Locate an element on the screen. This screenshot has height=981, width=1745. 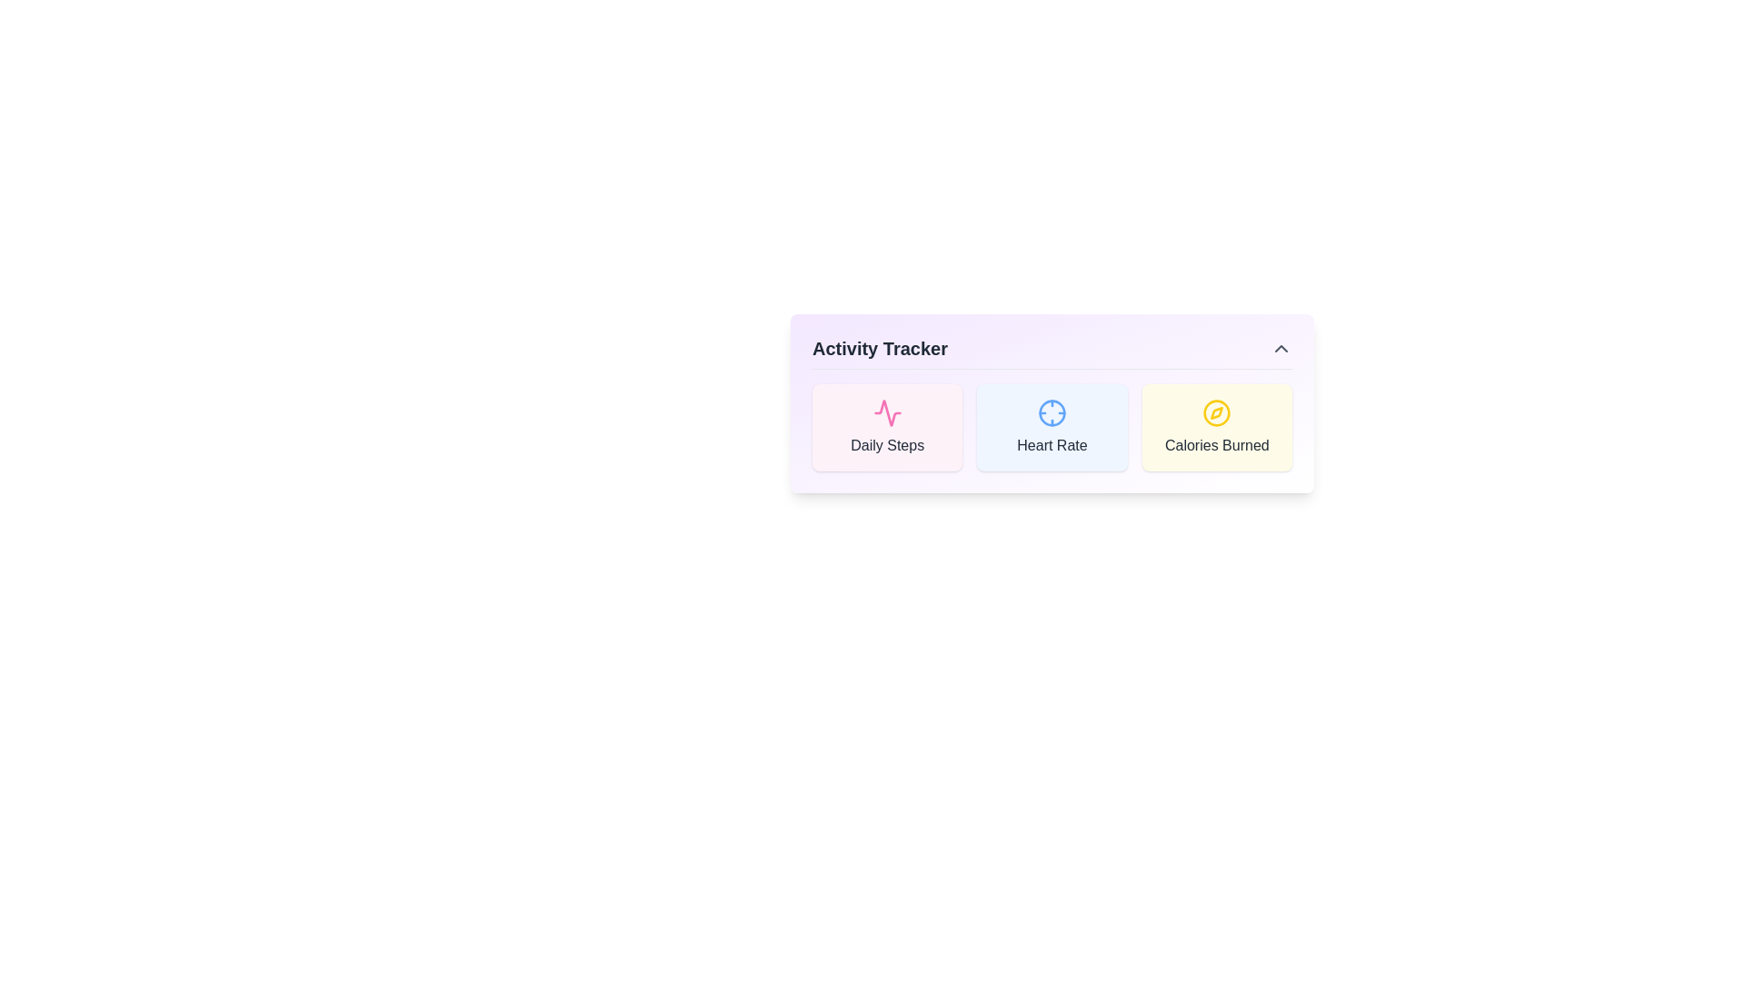
the circular icon with a yellow outline in the 'Calories Burned' section of the activity tracker interface, which is part of a compass-like design is located at coordinates (1217, 413).